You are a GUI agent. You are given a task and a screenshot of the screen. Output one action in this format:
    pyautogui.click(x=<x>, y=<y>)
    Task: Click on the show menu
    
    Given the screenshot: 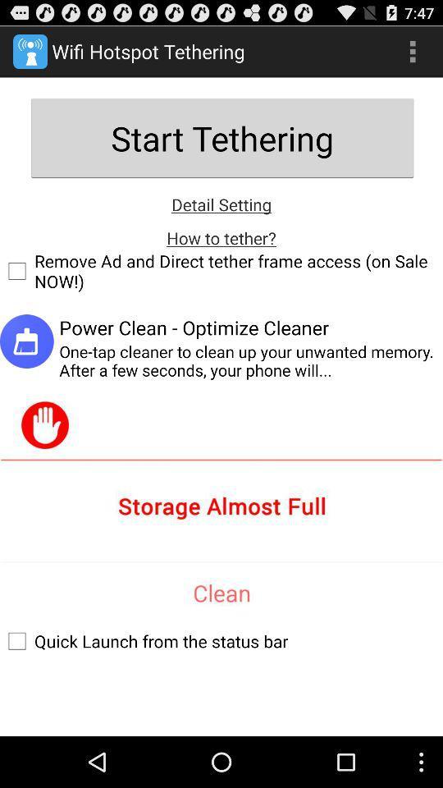 What is the action you would take?
    pyautogui.click(x=412, y=51)
    